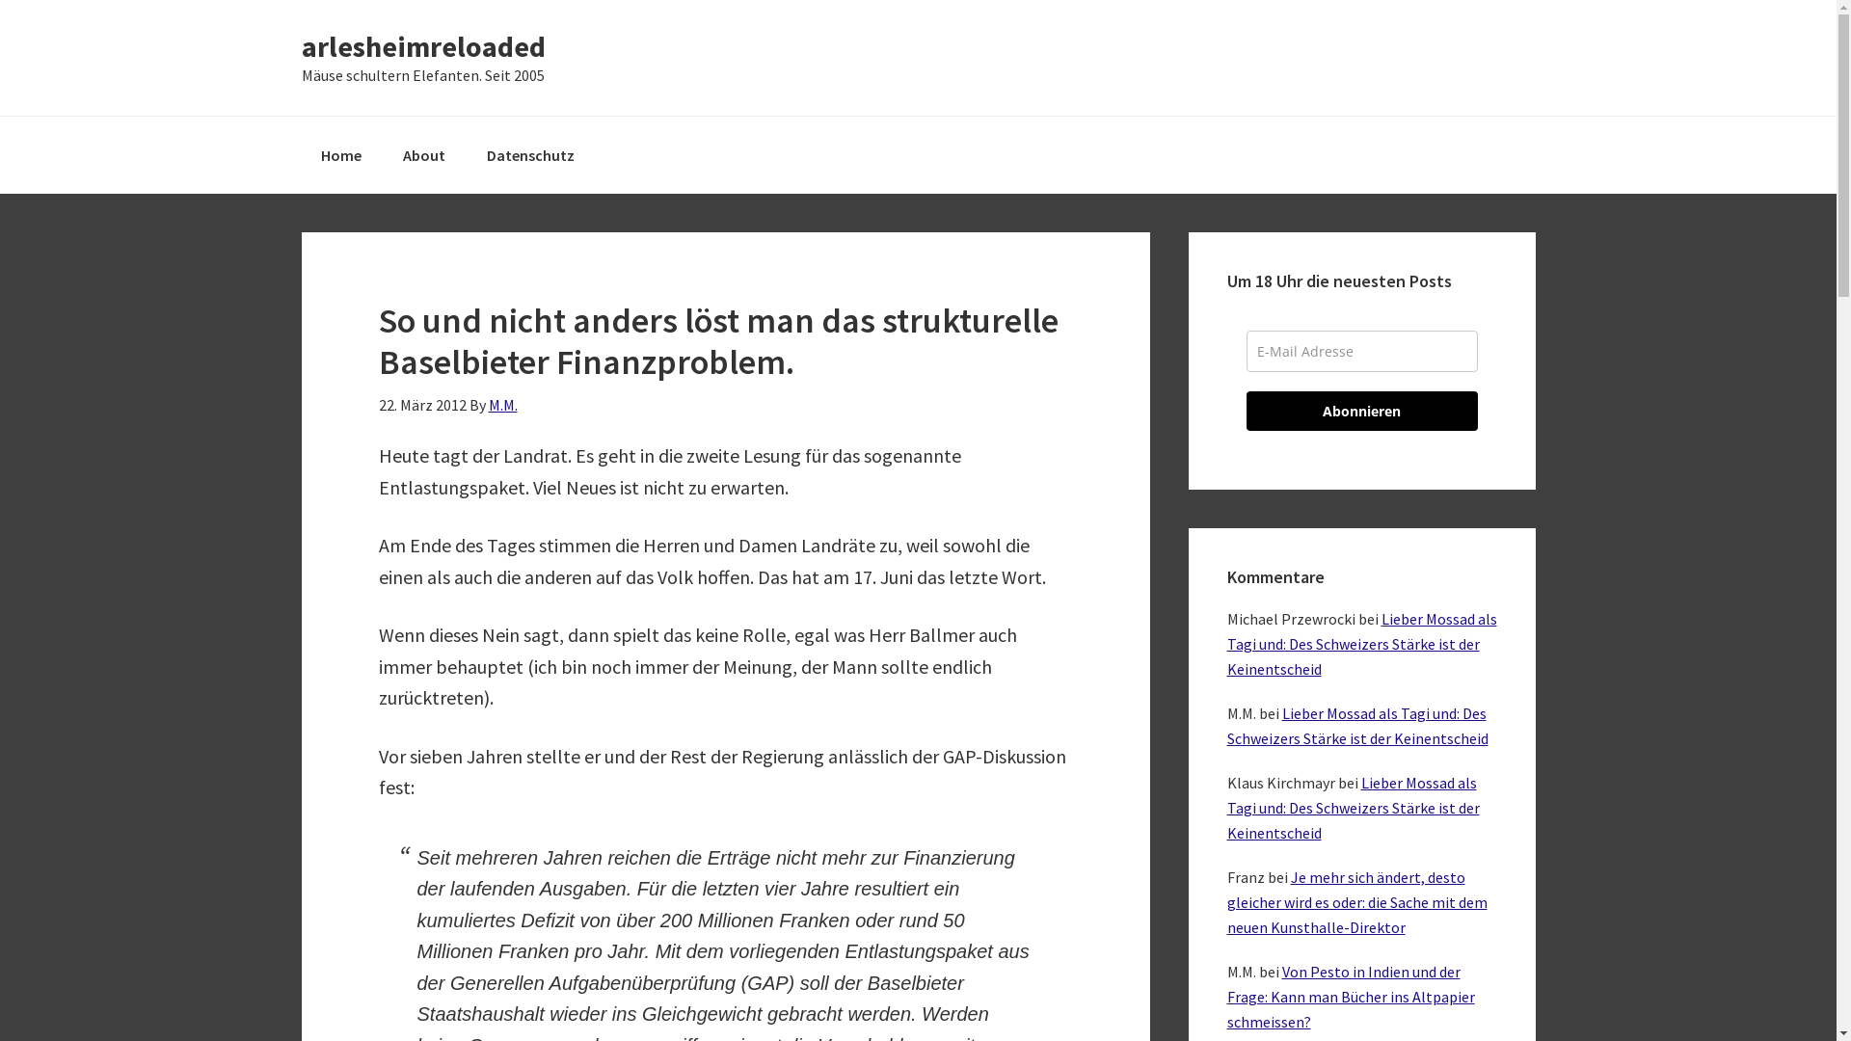  What do you see at coordinates (384, 154) in the screenshot?
I see `'About'` at bounding box center [384, 154].